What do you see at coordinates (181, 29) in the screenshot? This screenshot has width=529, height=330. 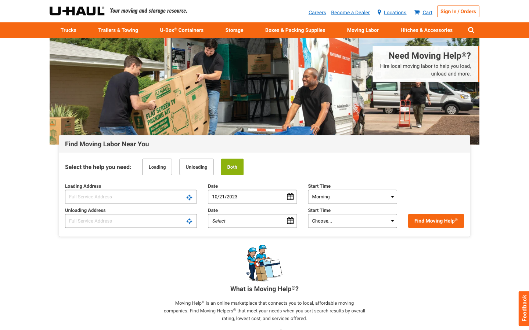 I see `Obtain containers for shift` at bounding box center [181, 29].